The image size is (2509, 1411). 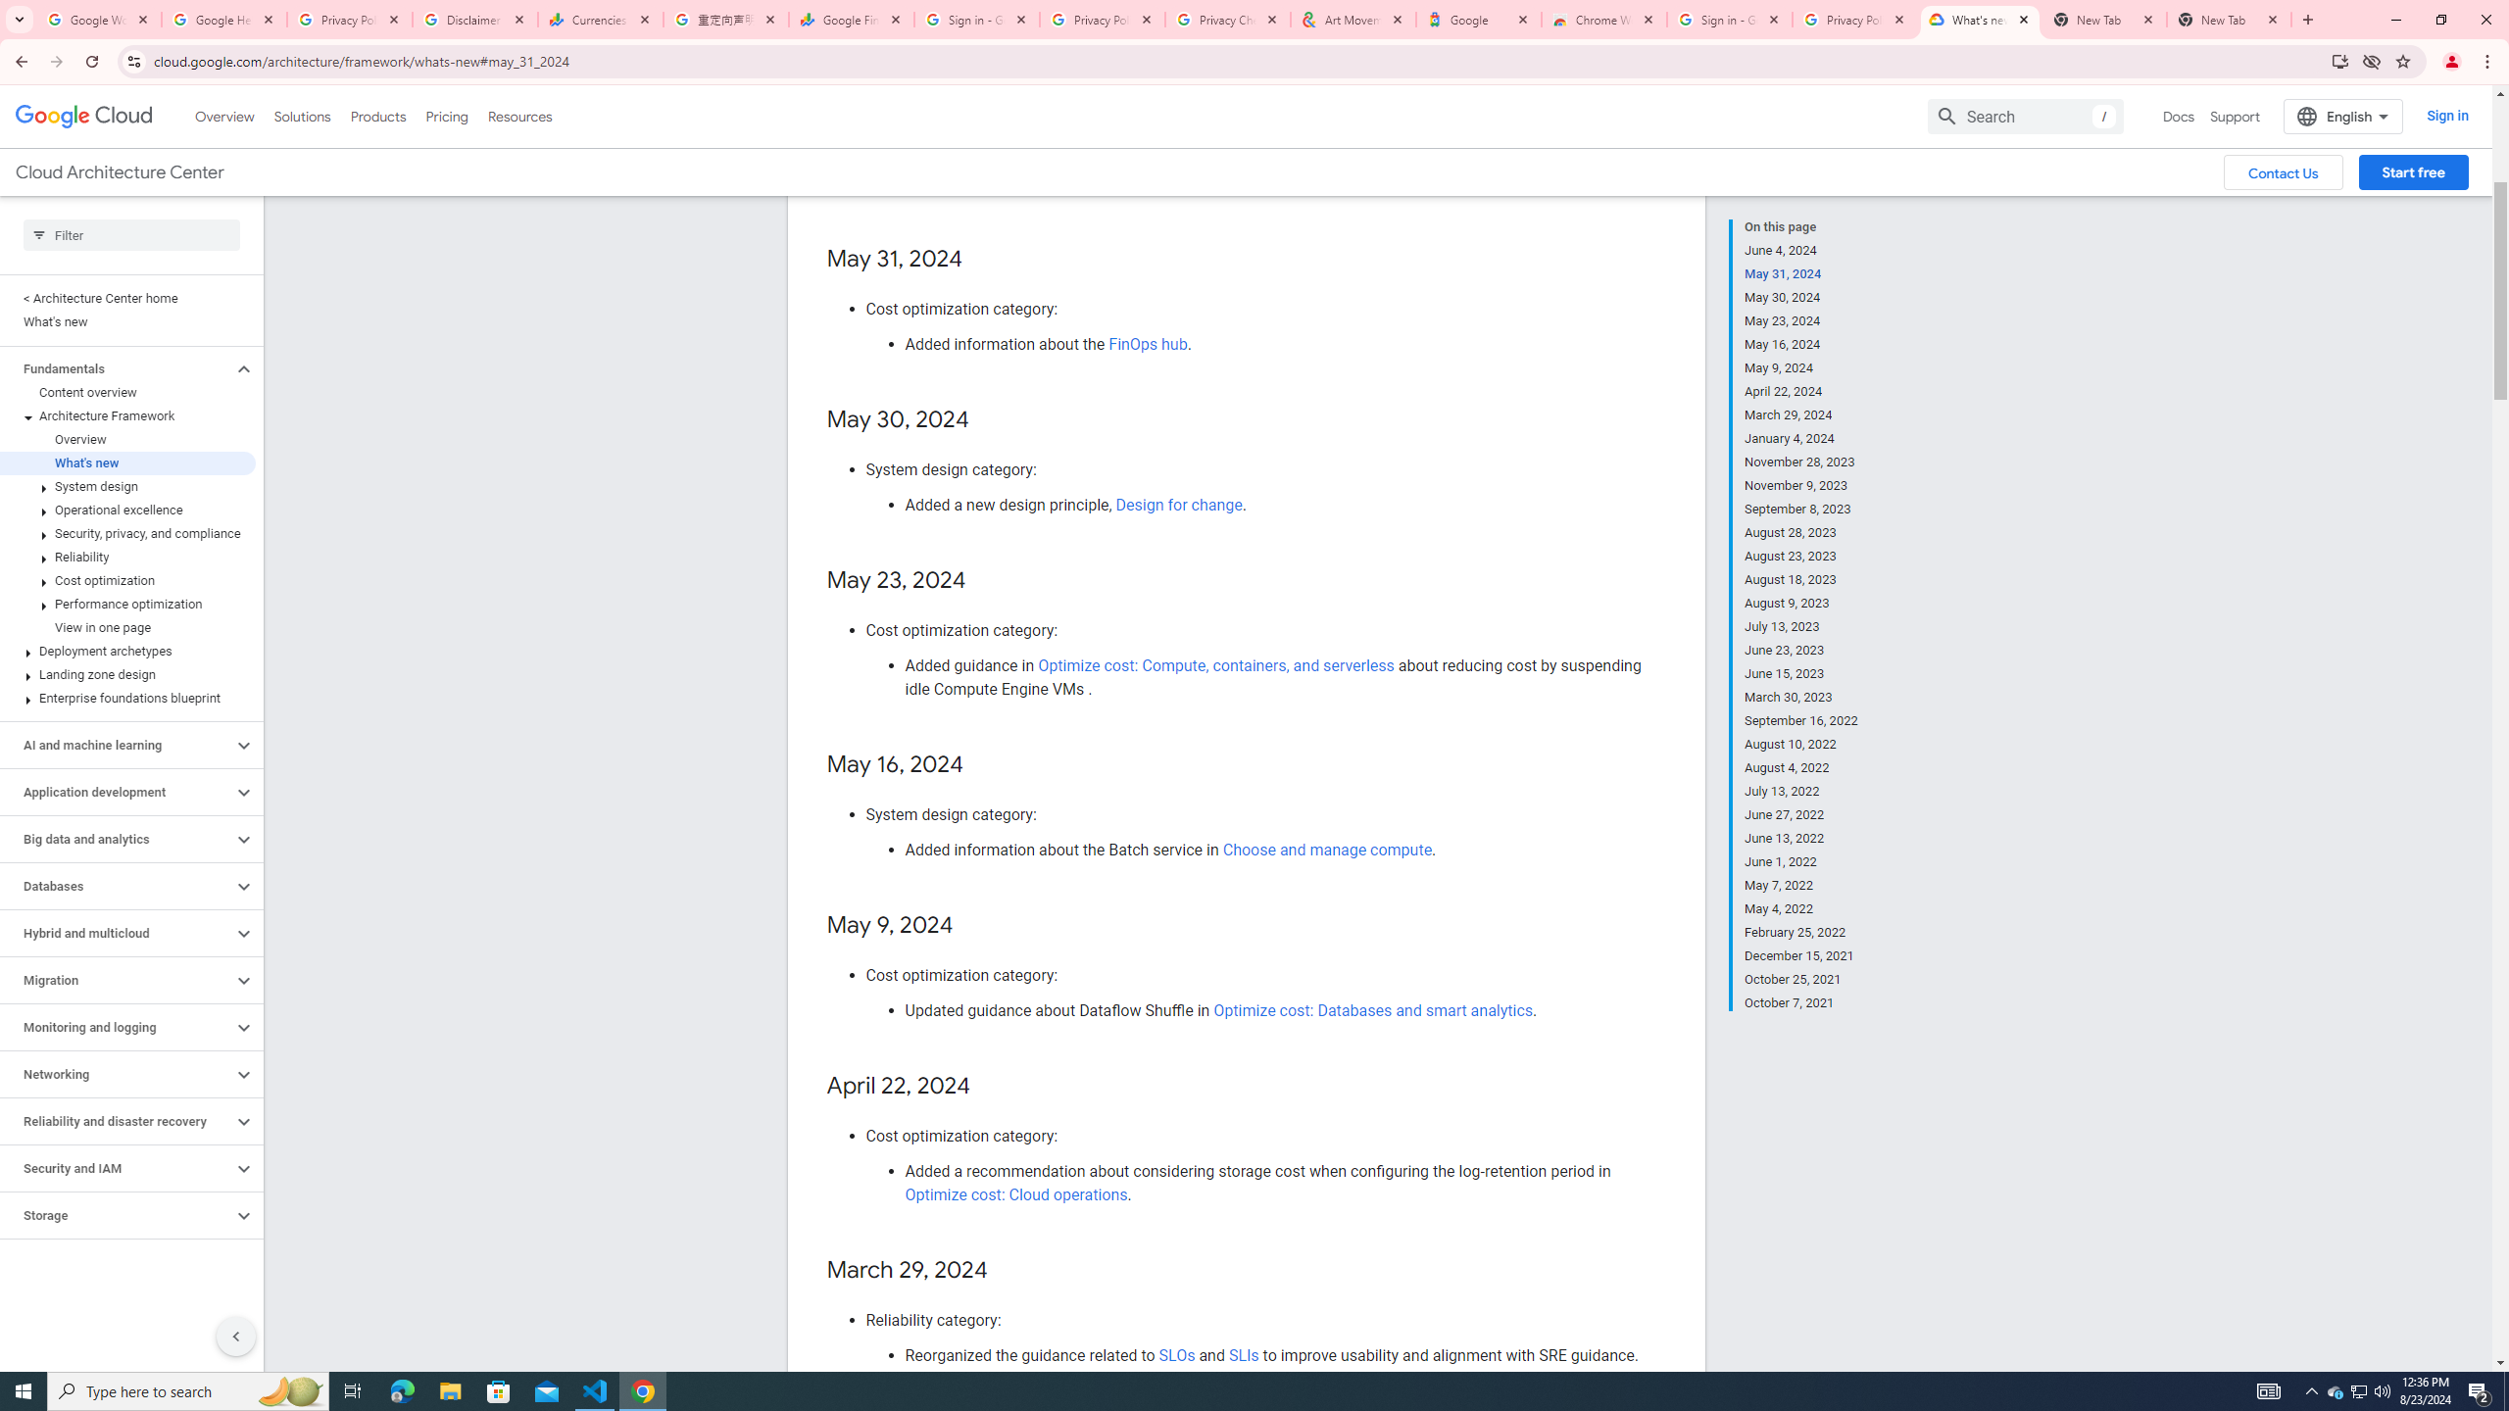 What do you see at coordinates (987, 419) in the screenshot?
I see `'Copy link to this section: May 30, 2024'` at bounding box center [987, 419].